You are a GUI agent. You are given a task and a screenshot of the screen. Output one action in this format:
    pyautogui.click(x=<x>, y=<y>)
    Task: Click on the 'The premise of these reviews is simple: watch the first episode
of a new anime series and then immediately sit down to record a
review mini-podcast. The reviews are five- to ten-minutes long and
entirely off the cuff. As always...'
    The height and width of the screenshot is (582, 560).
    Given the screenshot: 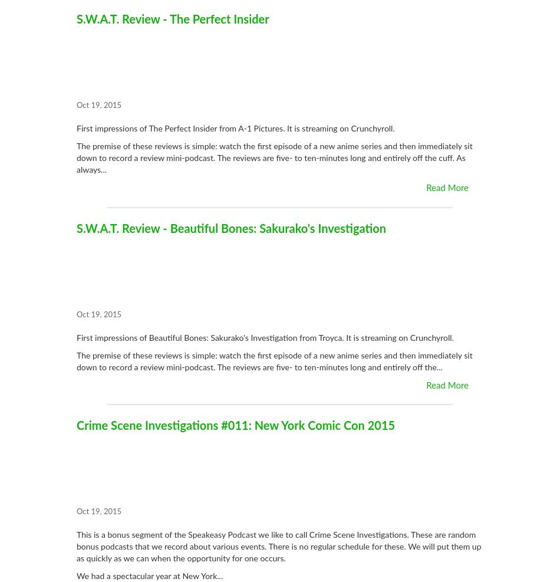 What is the action you would take?
    pyautogui.click(x=274, y=158)
    